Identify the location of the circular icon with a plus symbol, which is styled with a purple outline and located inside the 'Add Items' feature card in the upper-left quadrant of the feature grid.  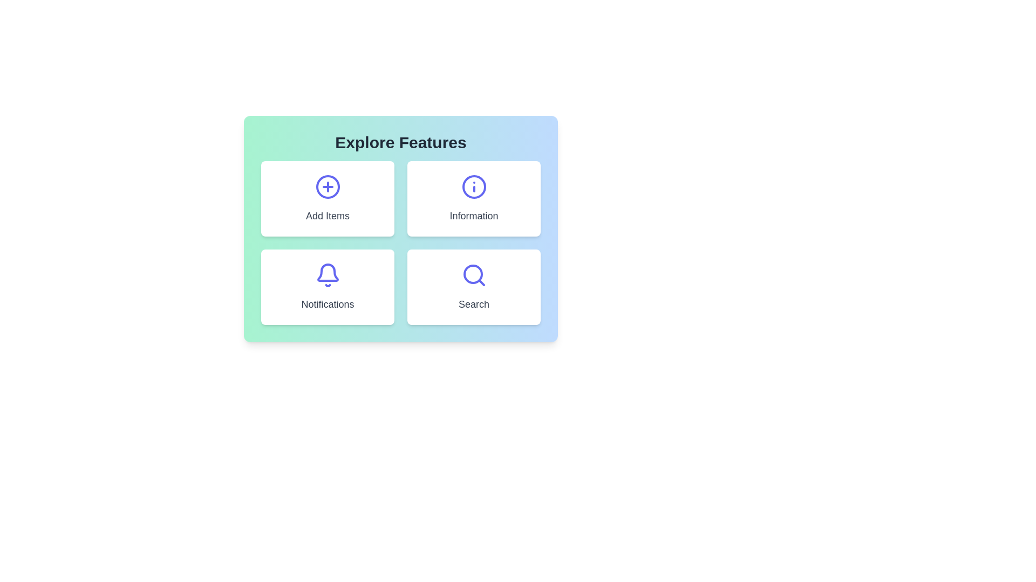
(327, 186).